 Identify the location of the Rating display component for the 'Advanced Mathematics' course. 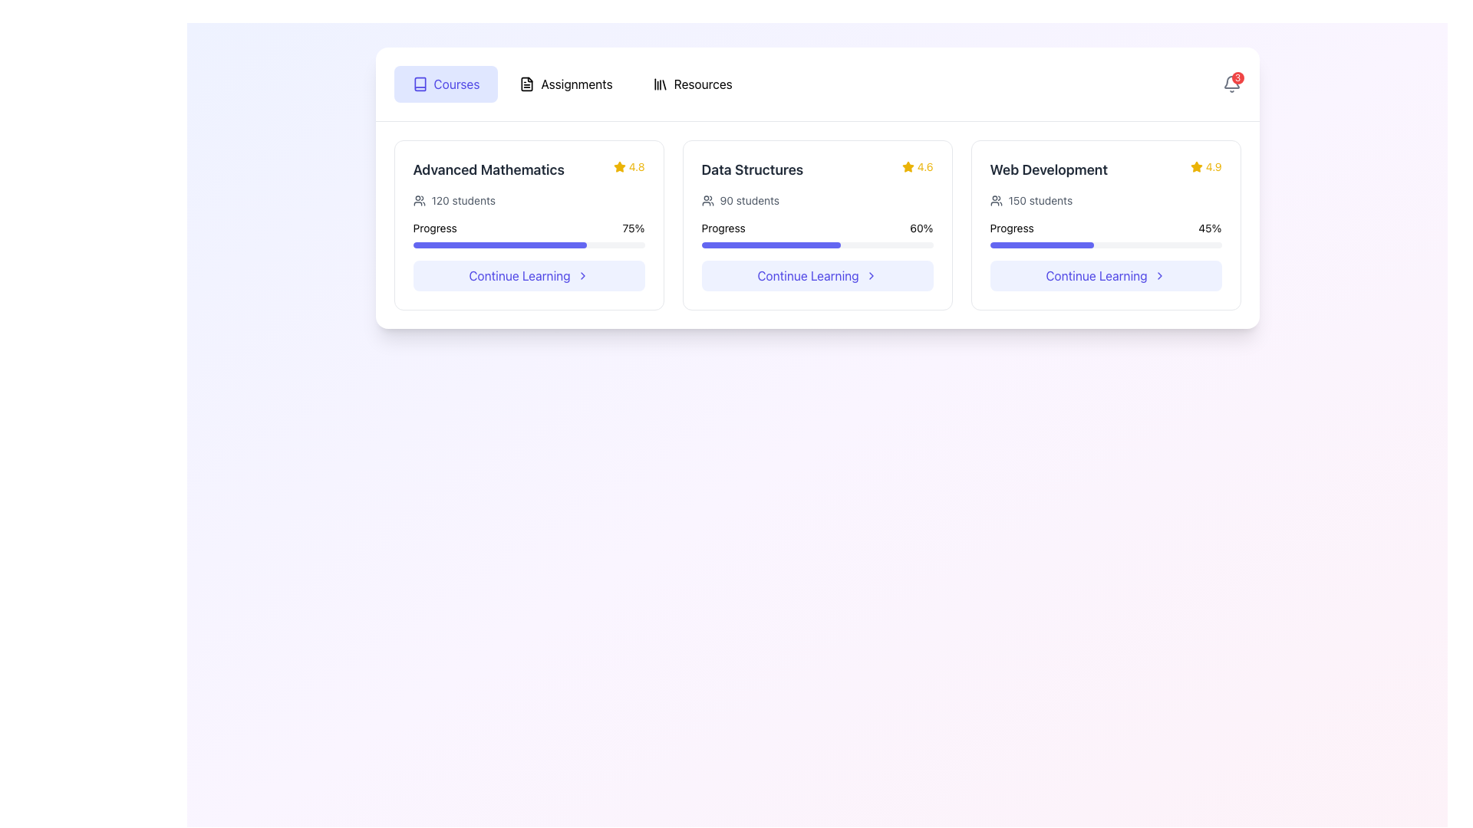
(629, 167).